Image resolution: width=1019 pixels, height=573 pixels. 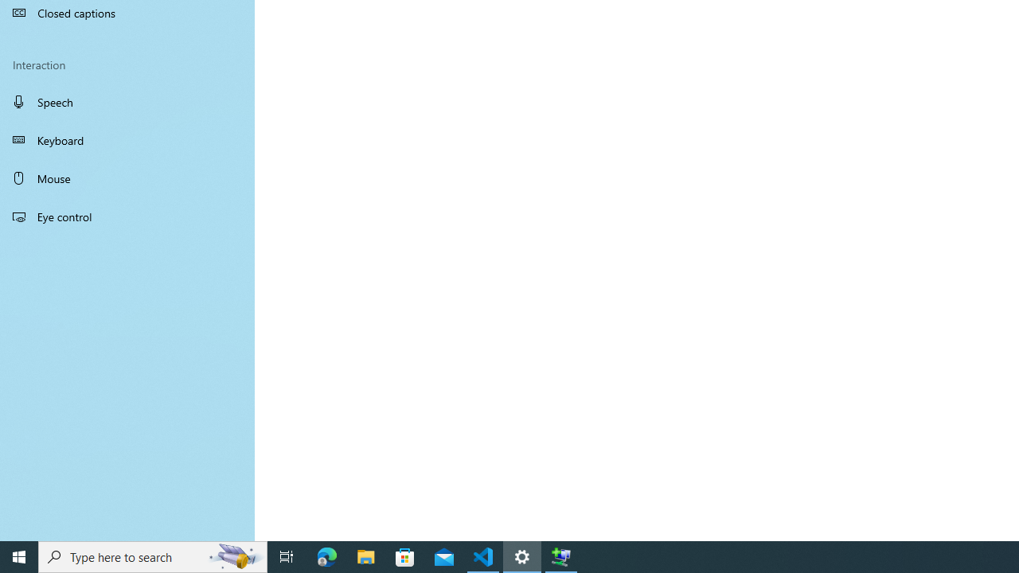 What do you see at coordinates (286, 555) in the screenshot?
I see `'Task View'` at bounding box center [286, 555].